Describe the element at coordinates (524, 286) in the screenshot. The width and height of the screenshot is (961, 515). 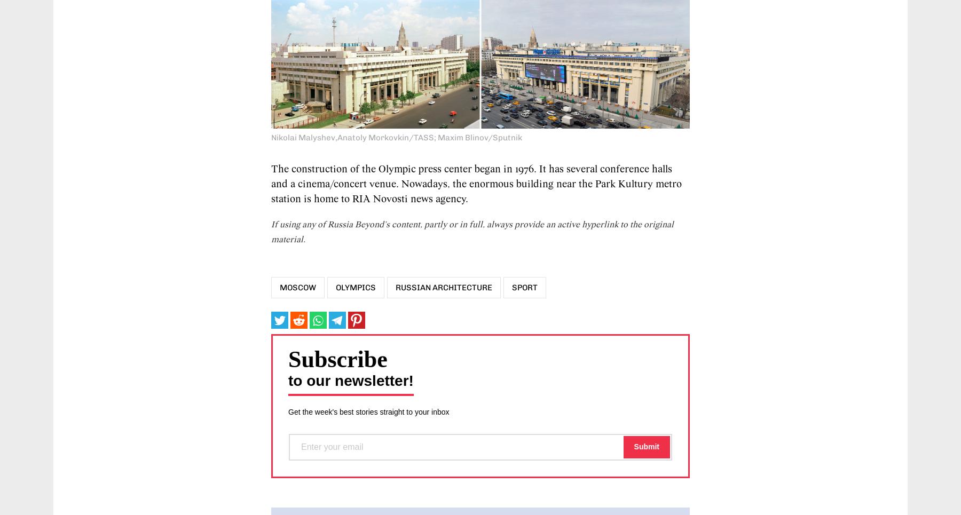
I see `'Sport'` at that location.